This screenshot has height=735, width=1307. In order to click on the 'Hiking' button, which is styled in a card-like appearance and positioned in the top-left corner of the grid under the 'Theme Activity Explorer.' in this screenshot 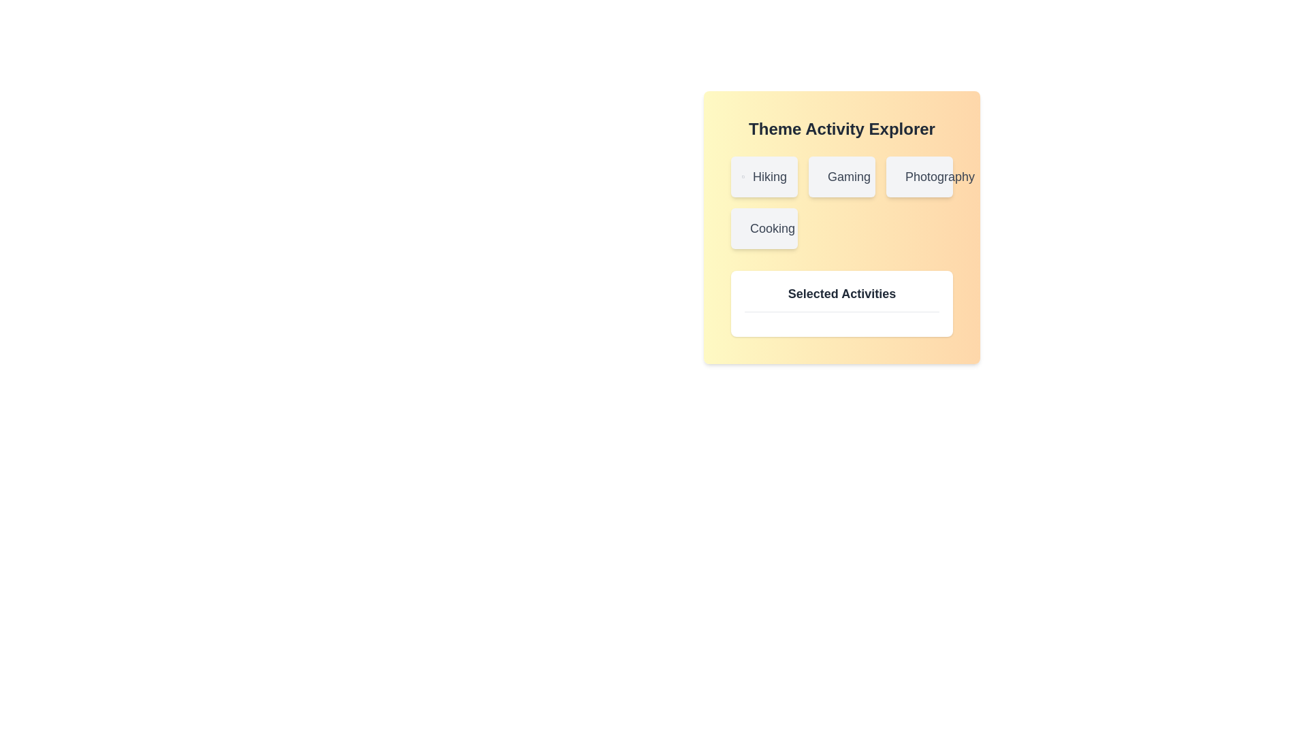, I will do `click(764, 176)`.